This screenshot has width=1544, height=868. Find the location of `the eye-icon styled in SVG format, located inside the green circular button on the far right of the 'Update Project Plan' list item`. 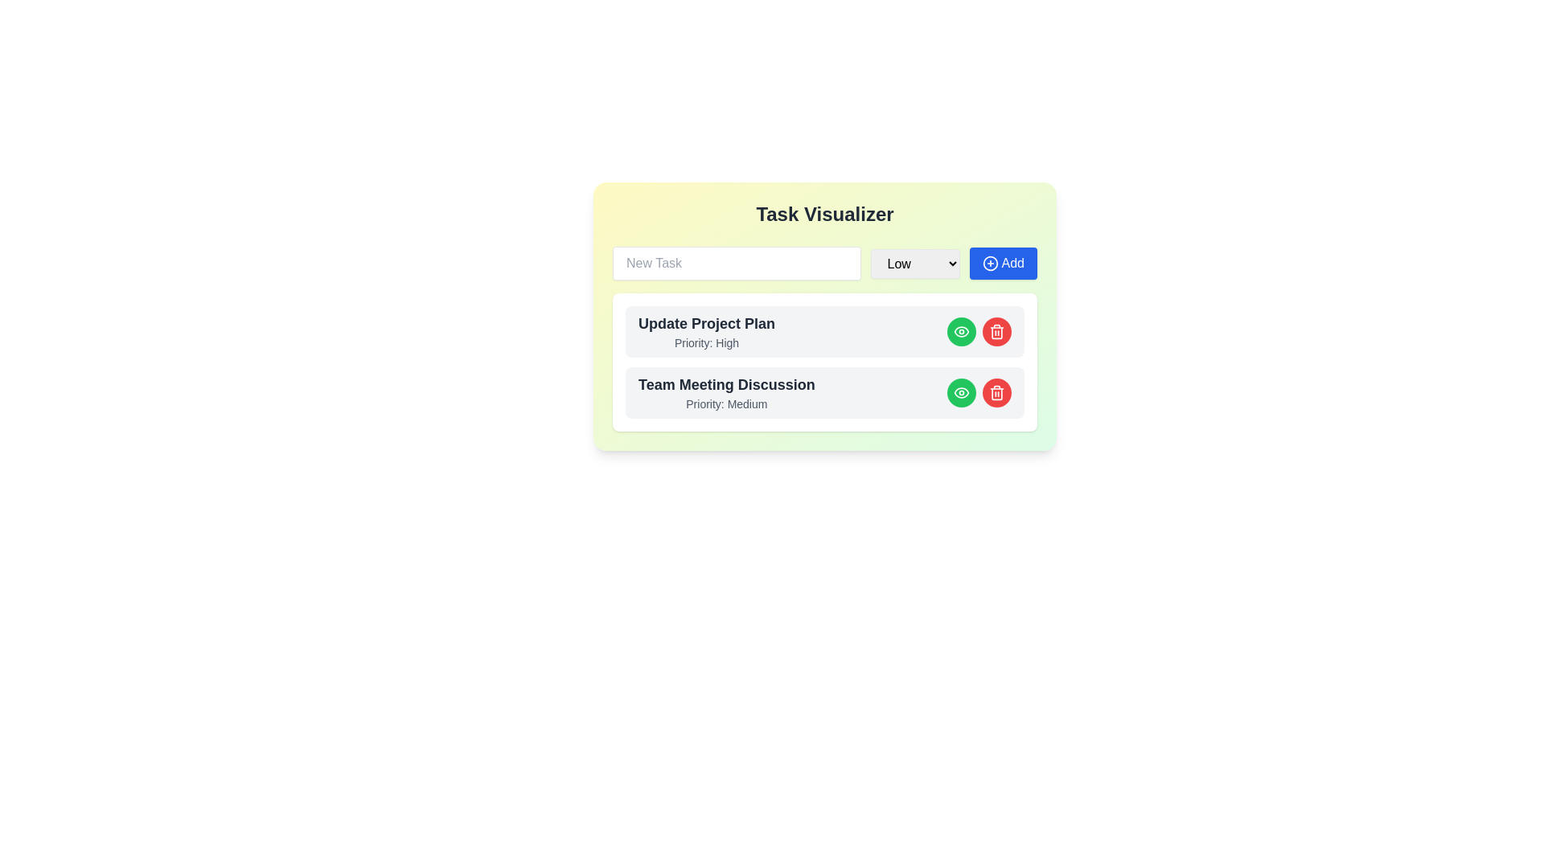

the eye-icon styled in SVG format, located inside the green circular button on the far right of the 'Update Project Plan' list item is located at coordinates (961, 393).